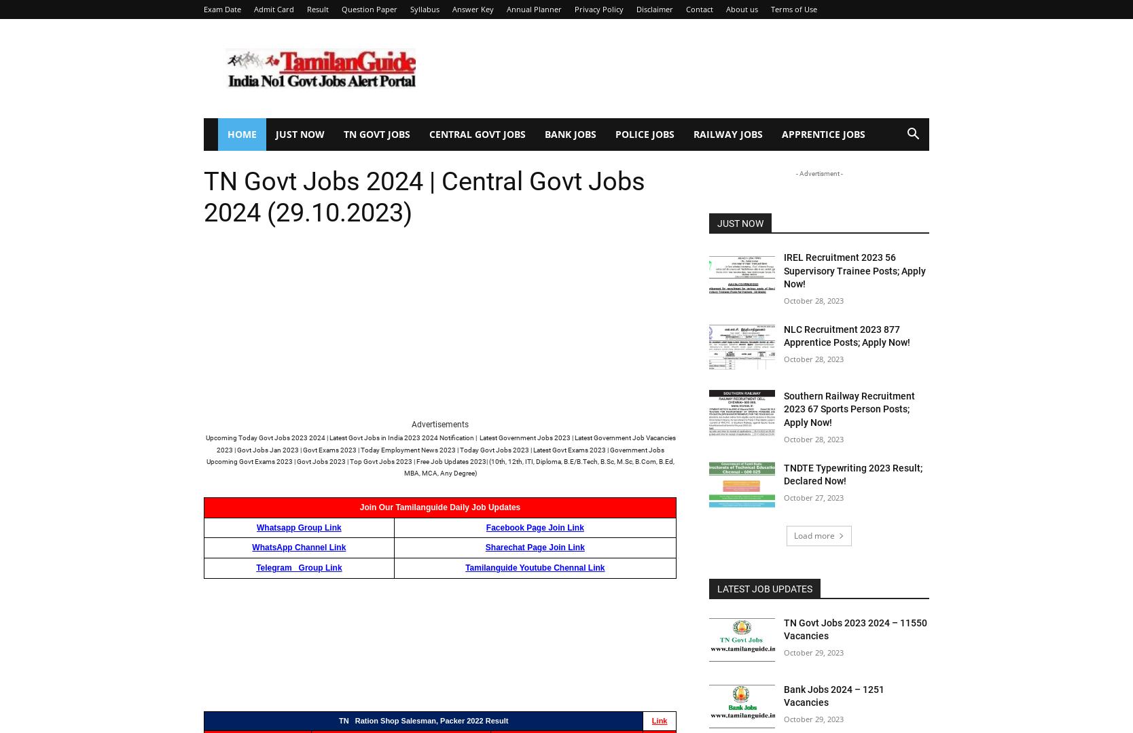  What do you see at coordinates (465, 568) in the screenshot?
I see `'Tamilanguide Youtube Chennal Link'` at bounding box center [465, 568].